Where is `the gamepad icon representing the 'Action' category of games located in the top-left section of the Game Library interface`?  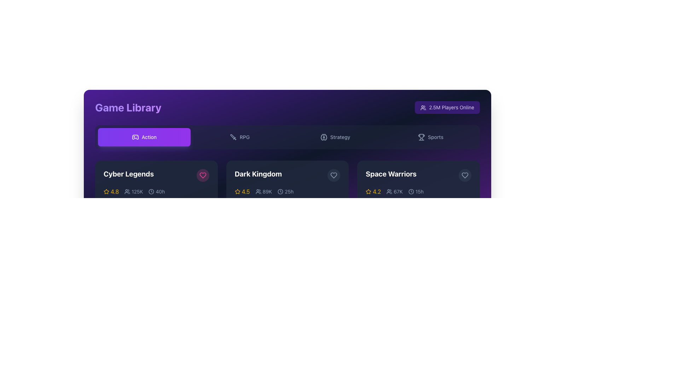 the gamepad icon representing the 'Action' category of games located in the top-left section of the Game Library interface is located at coordinates (135, 137).